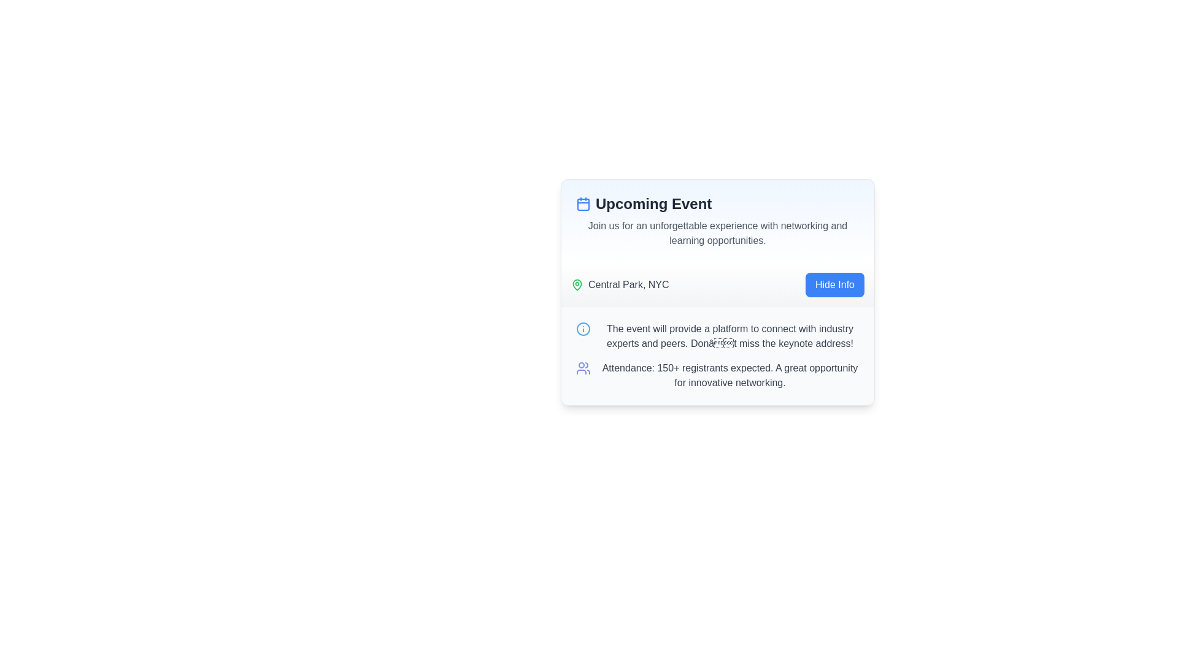 This screenshot has width=1178, height=662. I want to click on the static text element that reads 'Join us for an unforgettable experience with networking and learning opportunities', which is located beneath the 'Upcoming Event' heading, so click(718, 234).